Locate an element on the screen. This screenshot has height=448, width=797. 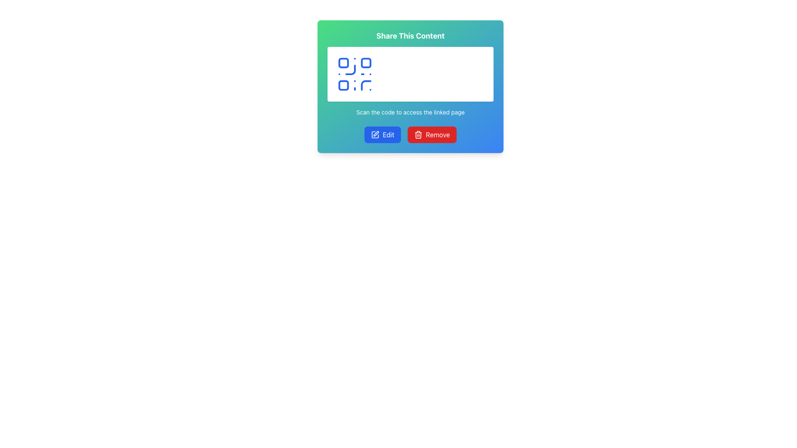
the top-right square element of the QR code, which is part of its decorative and functional design is located at coordinates (366, 62).